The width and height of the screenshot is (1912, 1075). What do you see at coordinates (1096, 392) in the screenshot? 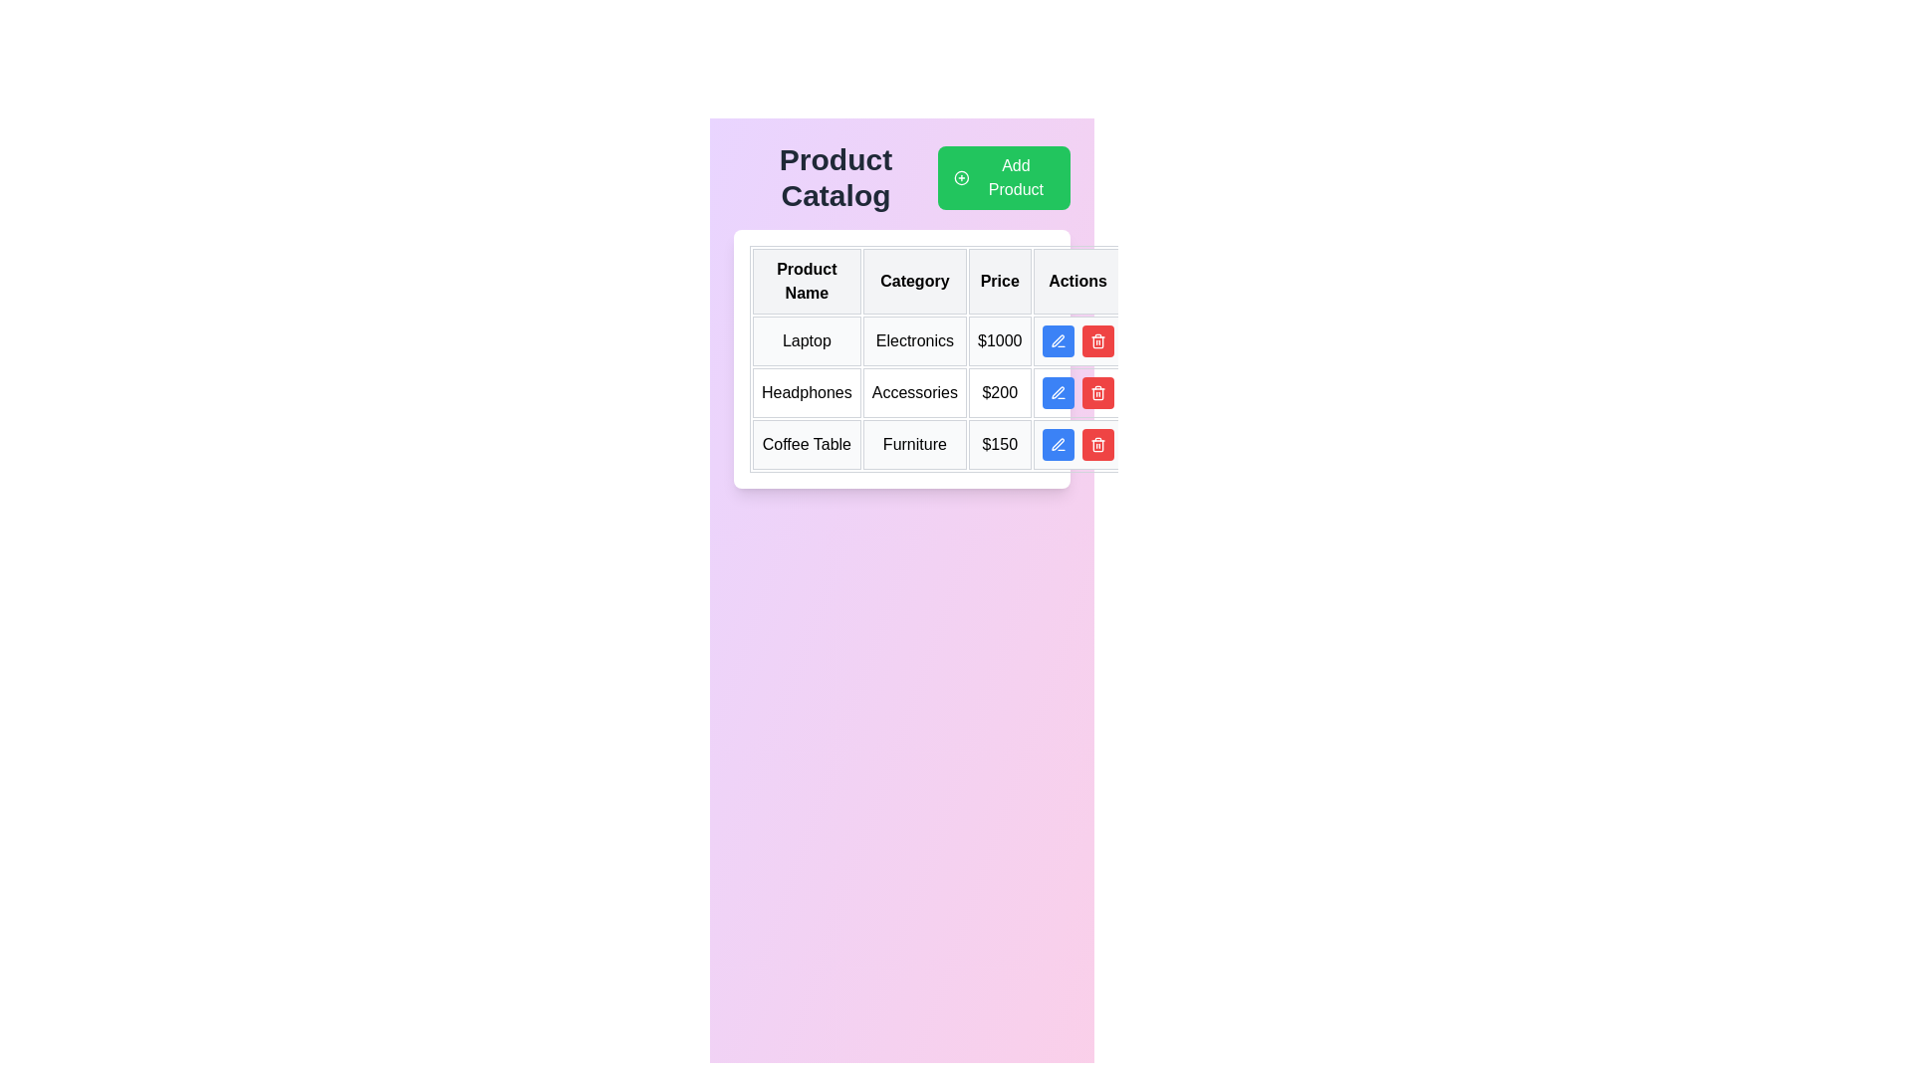
I see `the delete button located in the actions column of the third row, associated with the 'Coffee Table' entry` at bounding box center [1096, 392].